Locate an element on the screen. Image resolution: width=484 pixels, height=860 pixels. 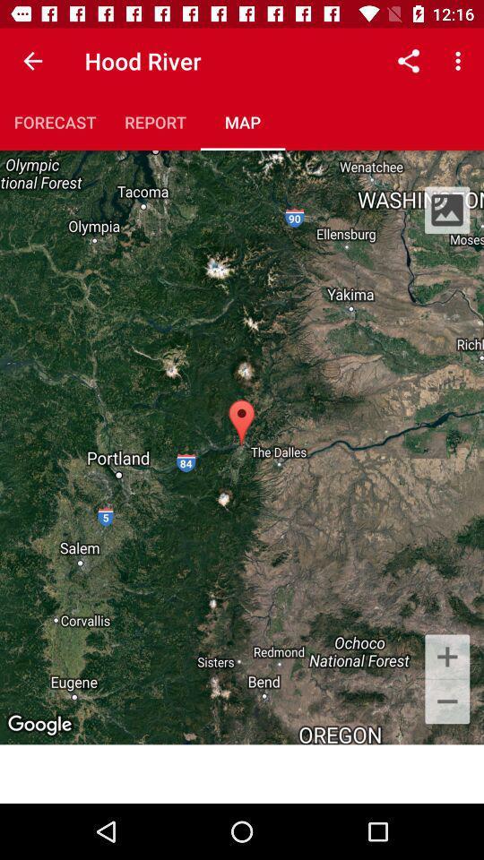
the item to the left of hood river icon is located at coordinates (32, 61).